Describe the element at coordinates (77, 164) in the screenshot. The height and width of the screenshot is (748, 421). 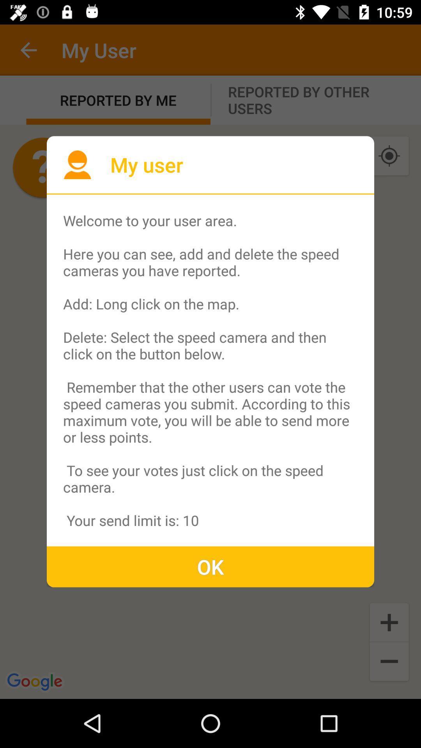
I see `app next to my user icon` at that location.